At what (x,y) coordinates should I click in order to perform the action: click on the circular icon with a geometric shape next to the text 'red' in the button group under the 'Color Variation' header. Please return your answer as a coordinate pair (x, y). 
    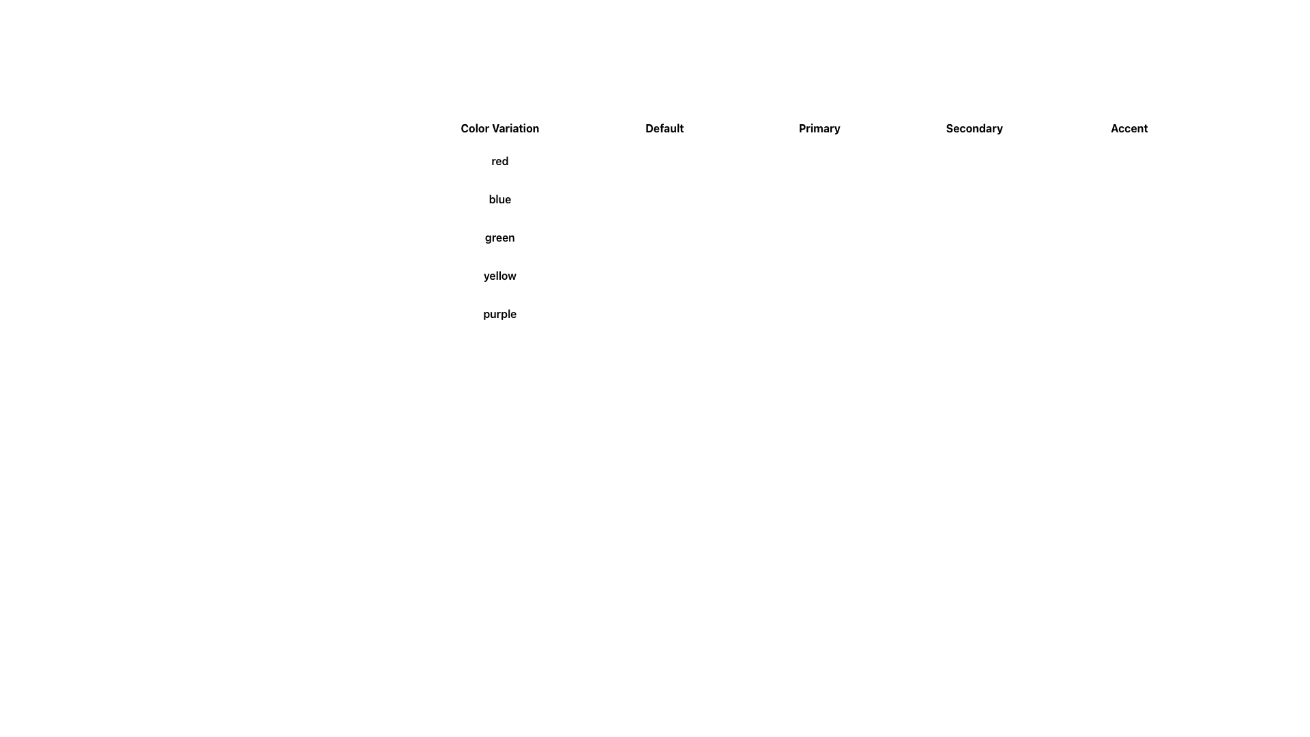
    Looking at the image, I should click on (632, 160).